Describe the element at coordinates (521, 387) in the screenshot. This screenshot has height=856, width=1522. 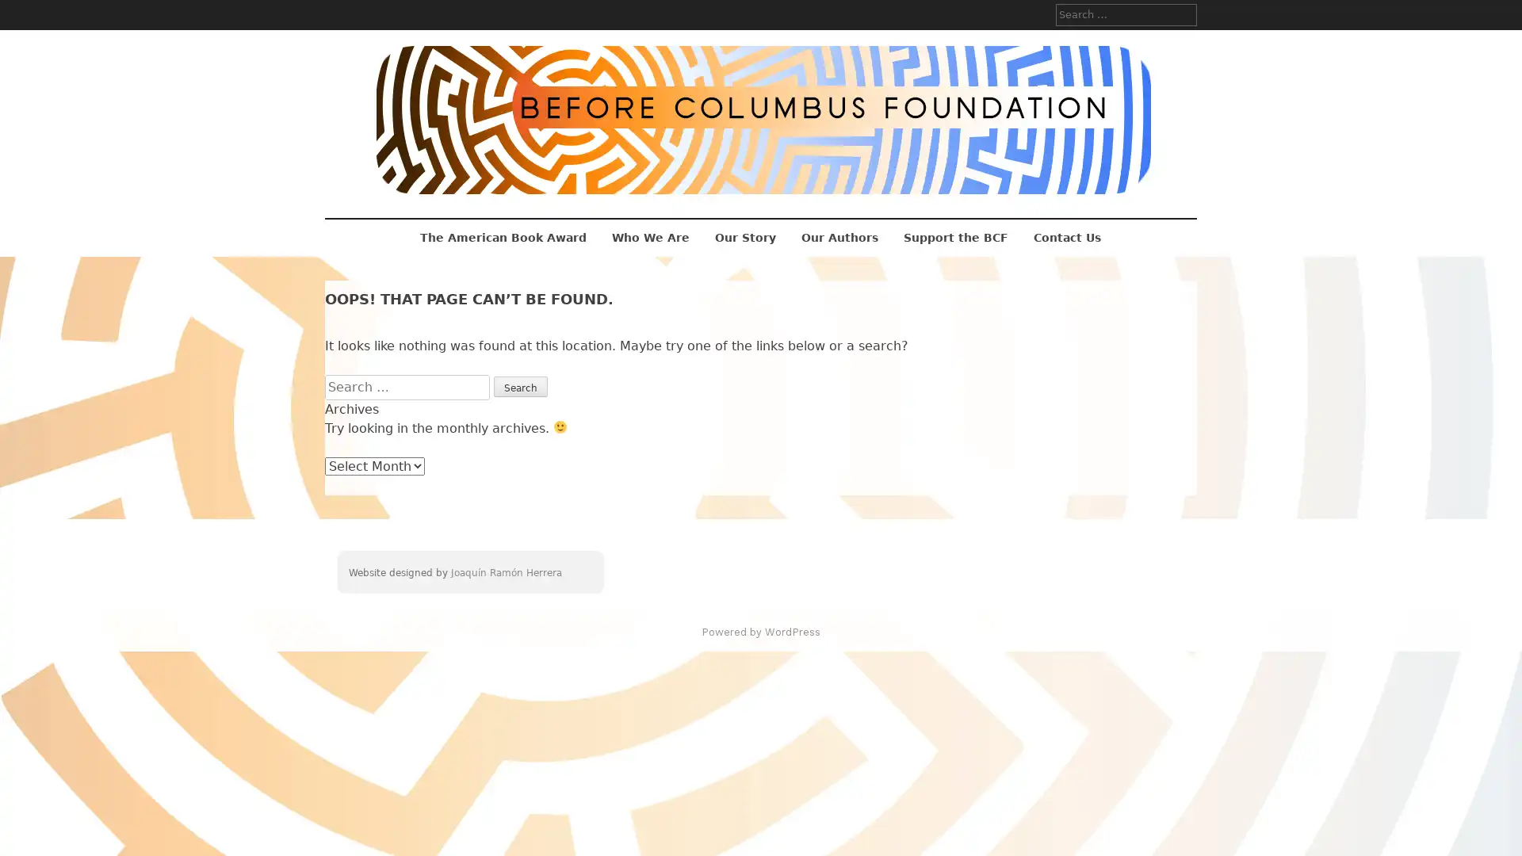
I see `Search` at that location.